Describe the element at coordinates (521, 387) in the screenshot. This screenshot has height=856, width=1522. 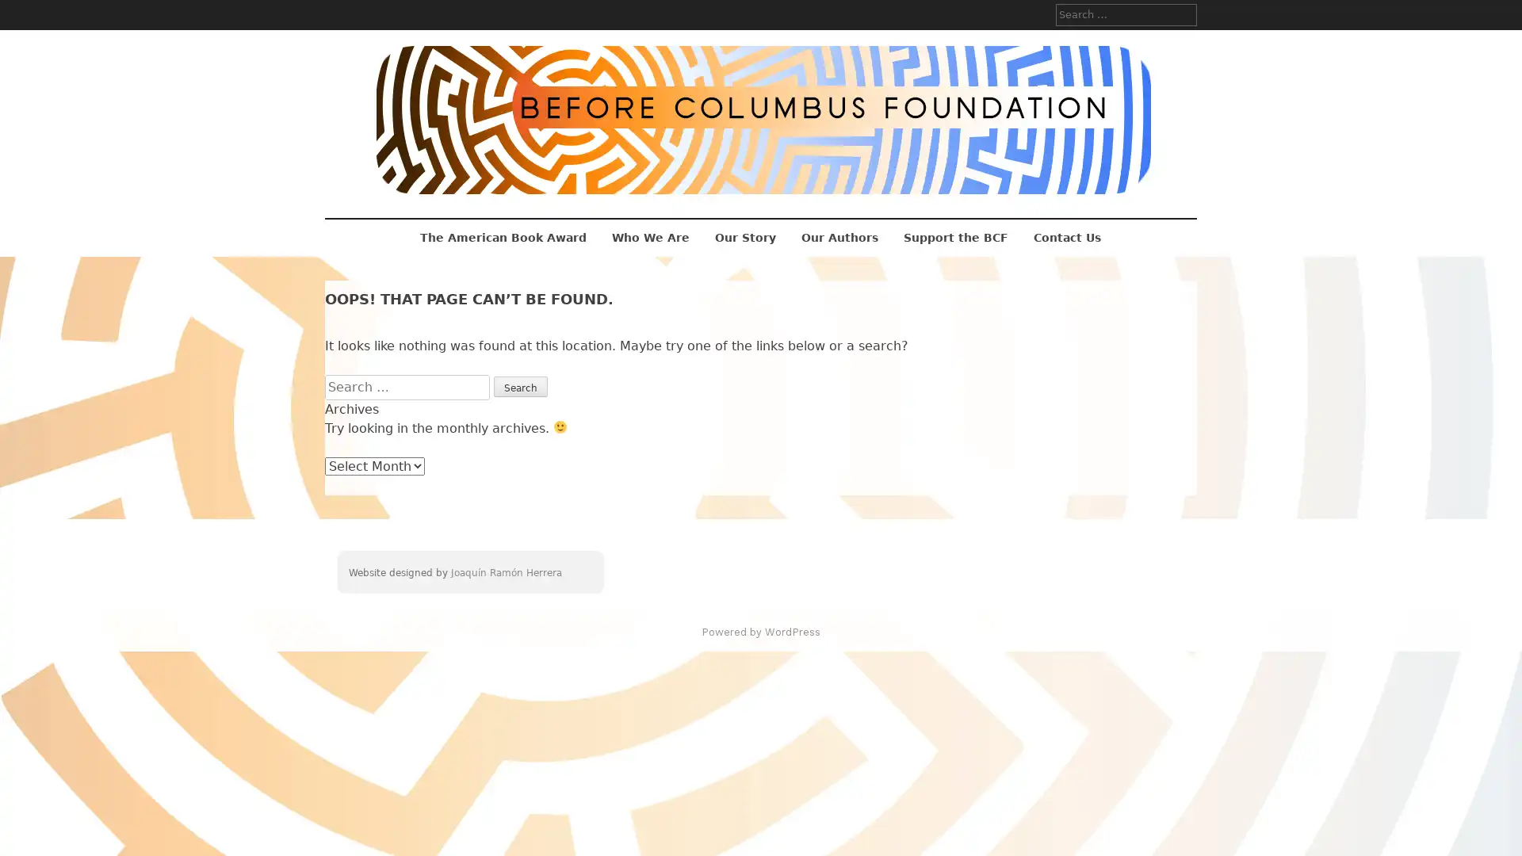
I see `Search` at that location.